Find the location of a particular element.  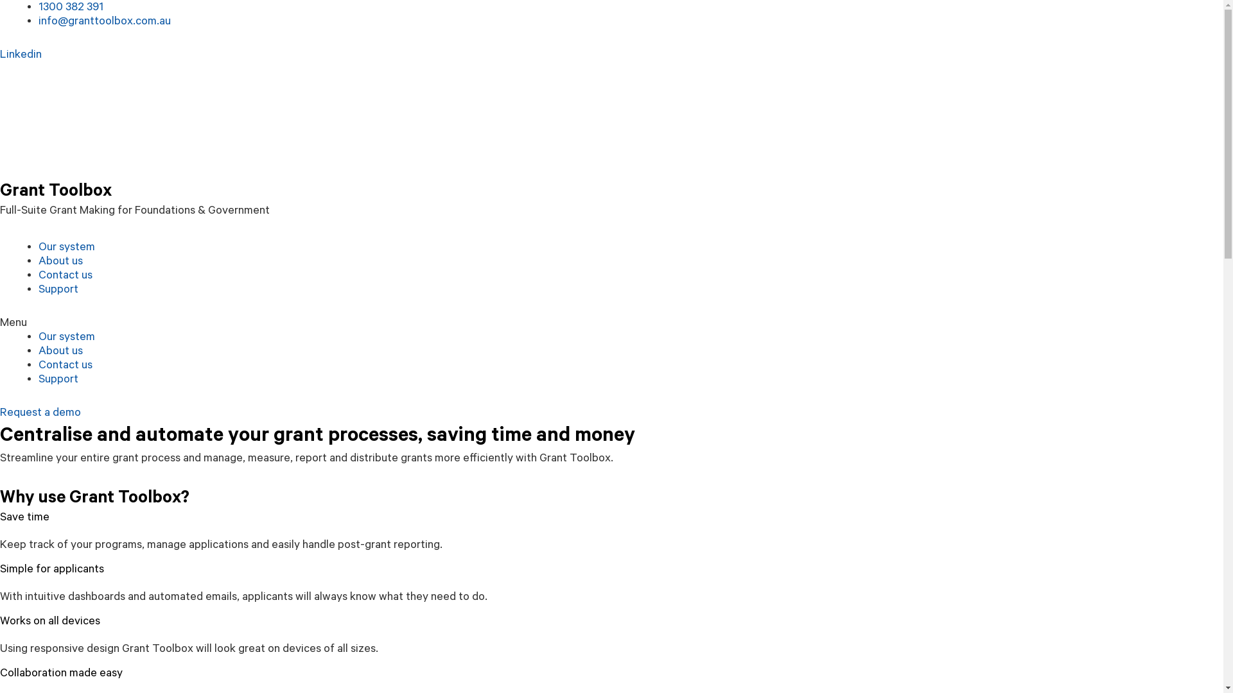

'About us' is located at coordinates (60, 260).